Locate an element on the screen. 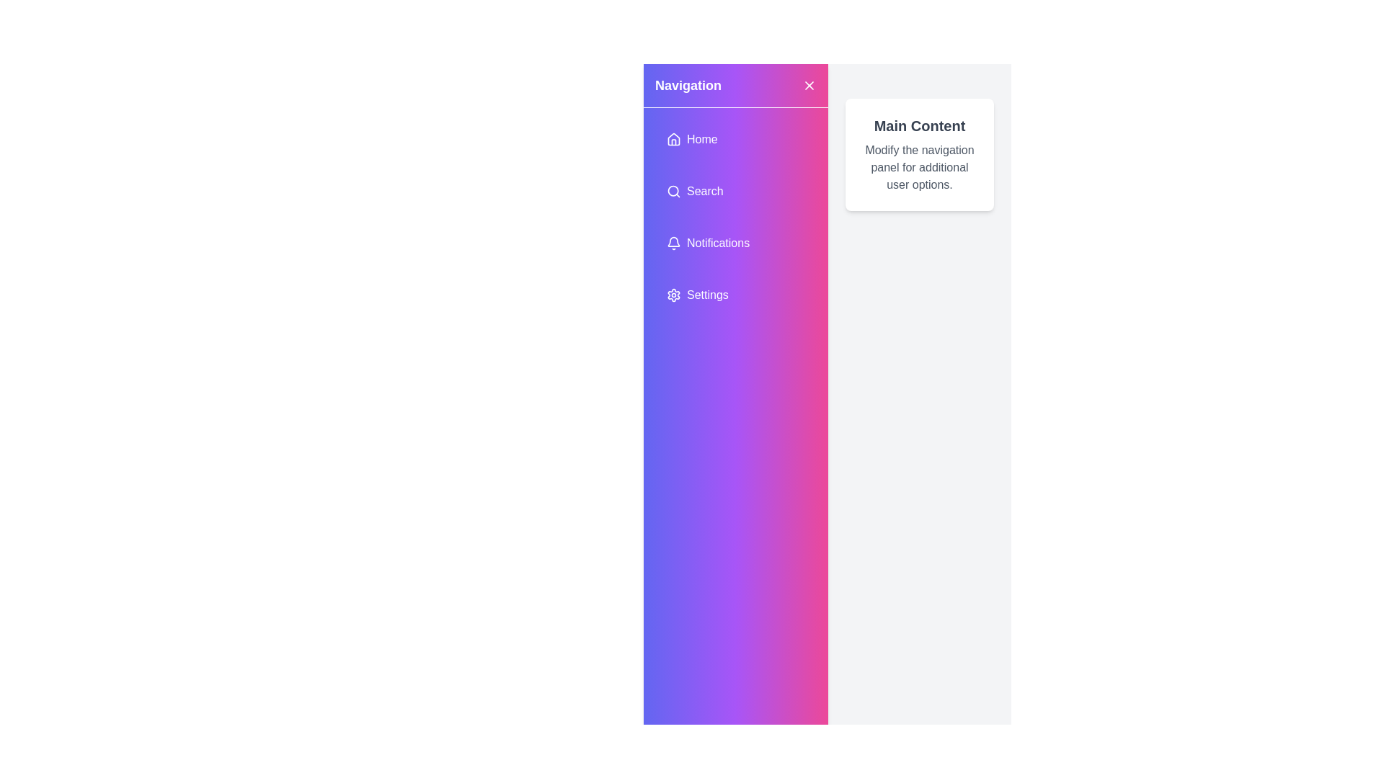 This screenshot has height=778, width=1384. the 'Home' icon in the navigation bar is located at coordinates (673, 139).